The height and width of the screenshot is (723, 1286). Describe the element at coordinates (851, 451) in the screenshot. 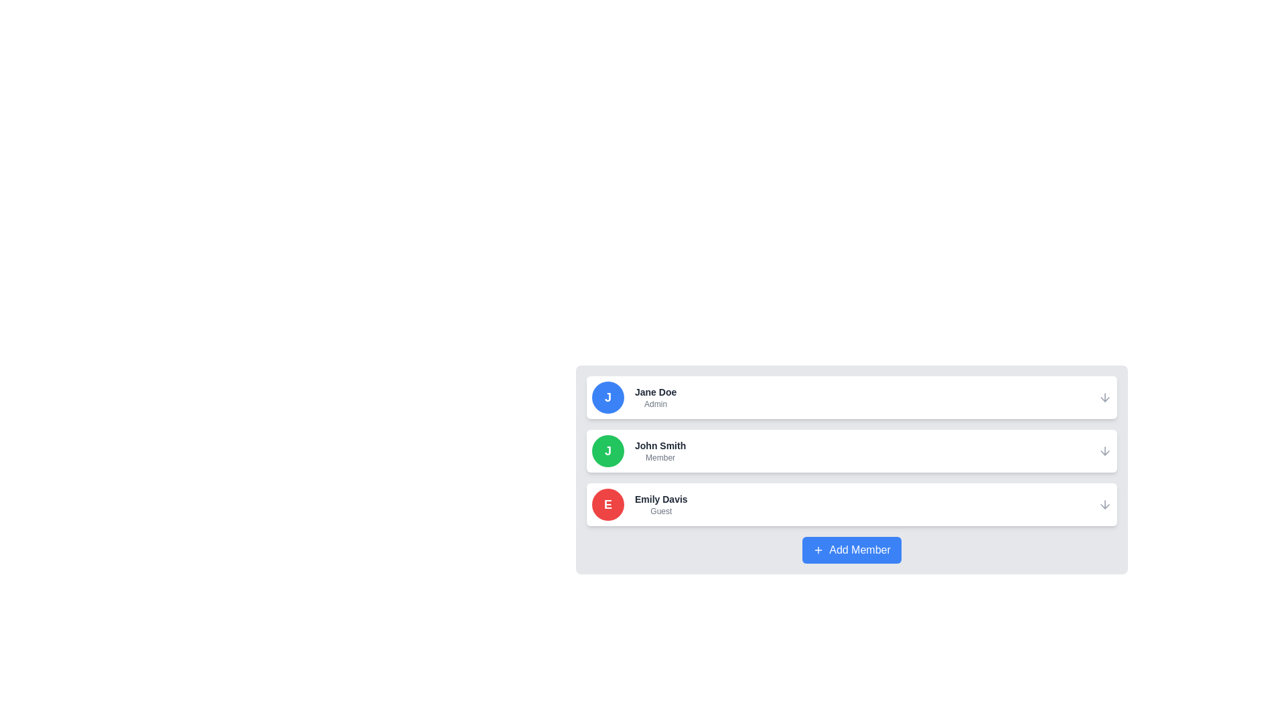

I see `the List Item Component representing 'John Smith' which displays their role as 'Member' and provides dropdown actions` at that location.